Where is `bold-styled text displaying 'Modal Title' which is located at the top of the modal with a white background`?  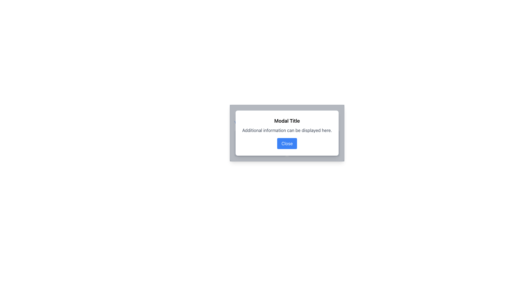
bold-styled text displaying 'Modal Title' which is located at the top of the modal with a white background is located at coordinates (287, 120).